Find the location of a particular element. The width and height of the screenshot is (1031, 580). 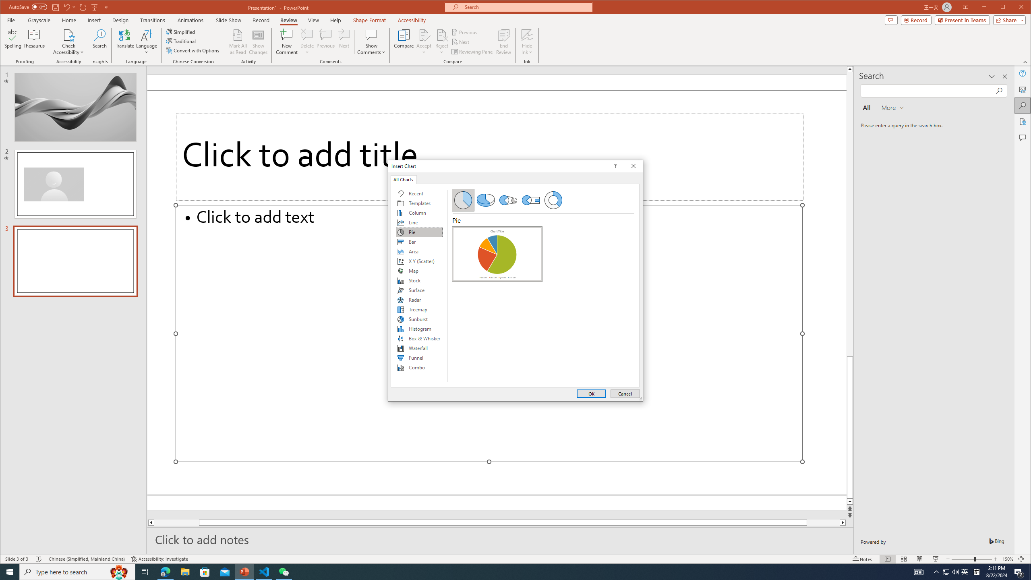

'Maximize' is located at coordinates (1014, 8).